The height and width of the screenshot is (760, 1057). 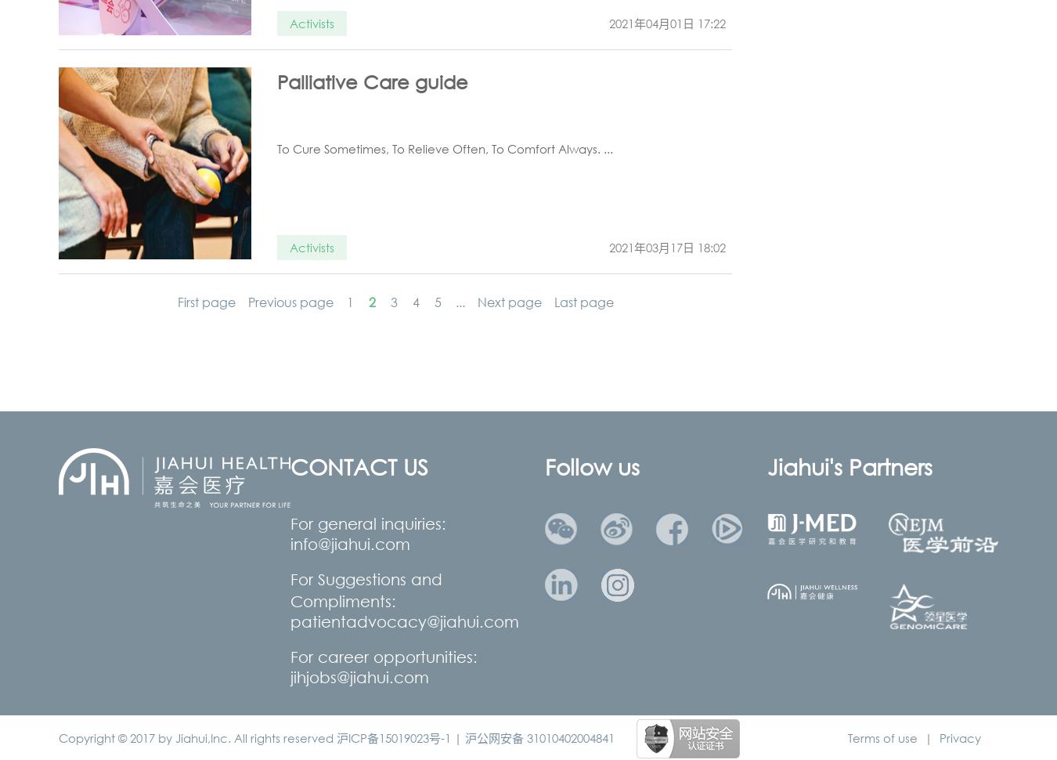 I want to click on 'Previous page', so click(x=247, y=301).